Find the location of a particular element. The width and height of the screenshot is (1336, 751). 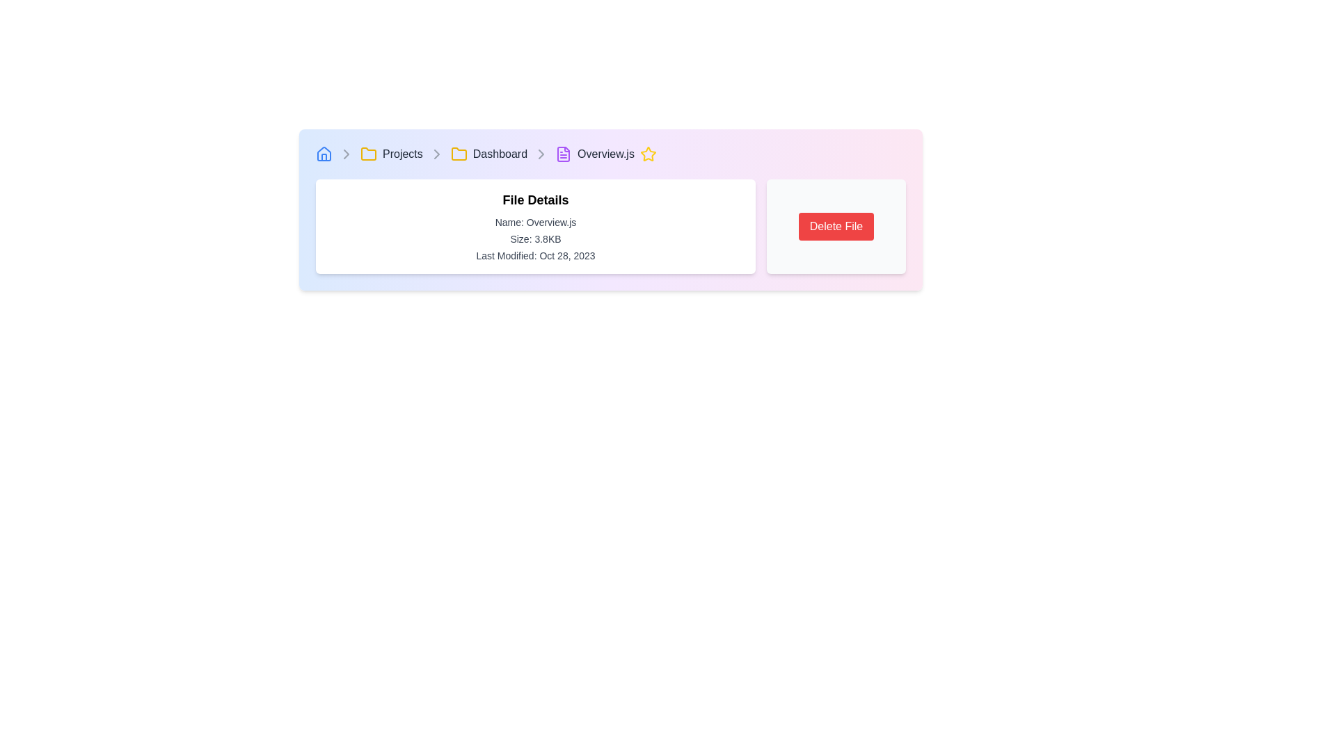

the Informational Panel, which is a rectangular section with a gradient background transitioning from light blue to purple to pink shades, located centrally below the breadcrumb navigation bar is located at coordinates (611, 209).